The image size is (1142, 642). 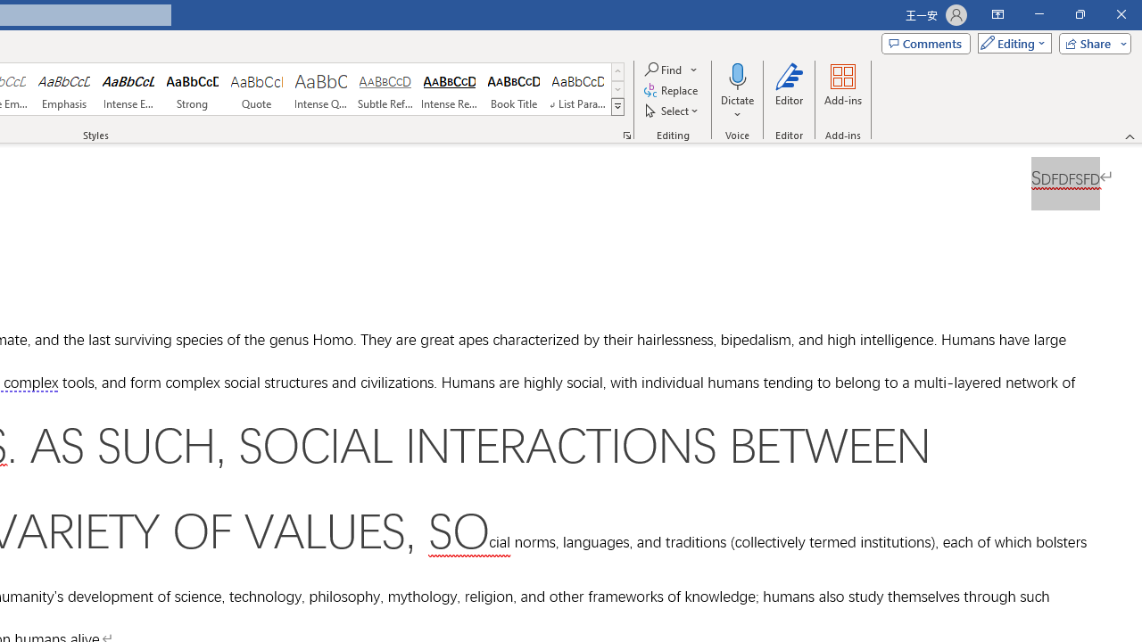 I want to click on 'Intense Emphasis', so click(x=128, y=89).